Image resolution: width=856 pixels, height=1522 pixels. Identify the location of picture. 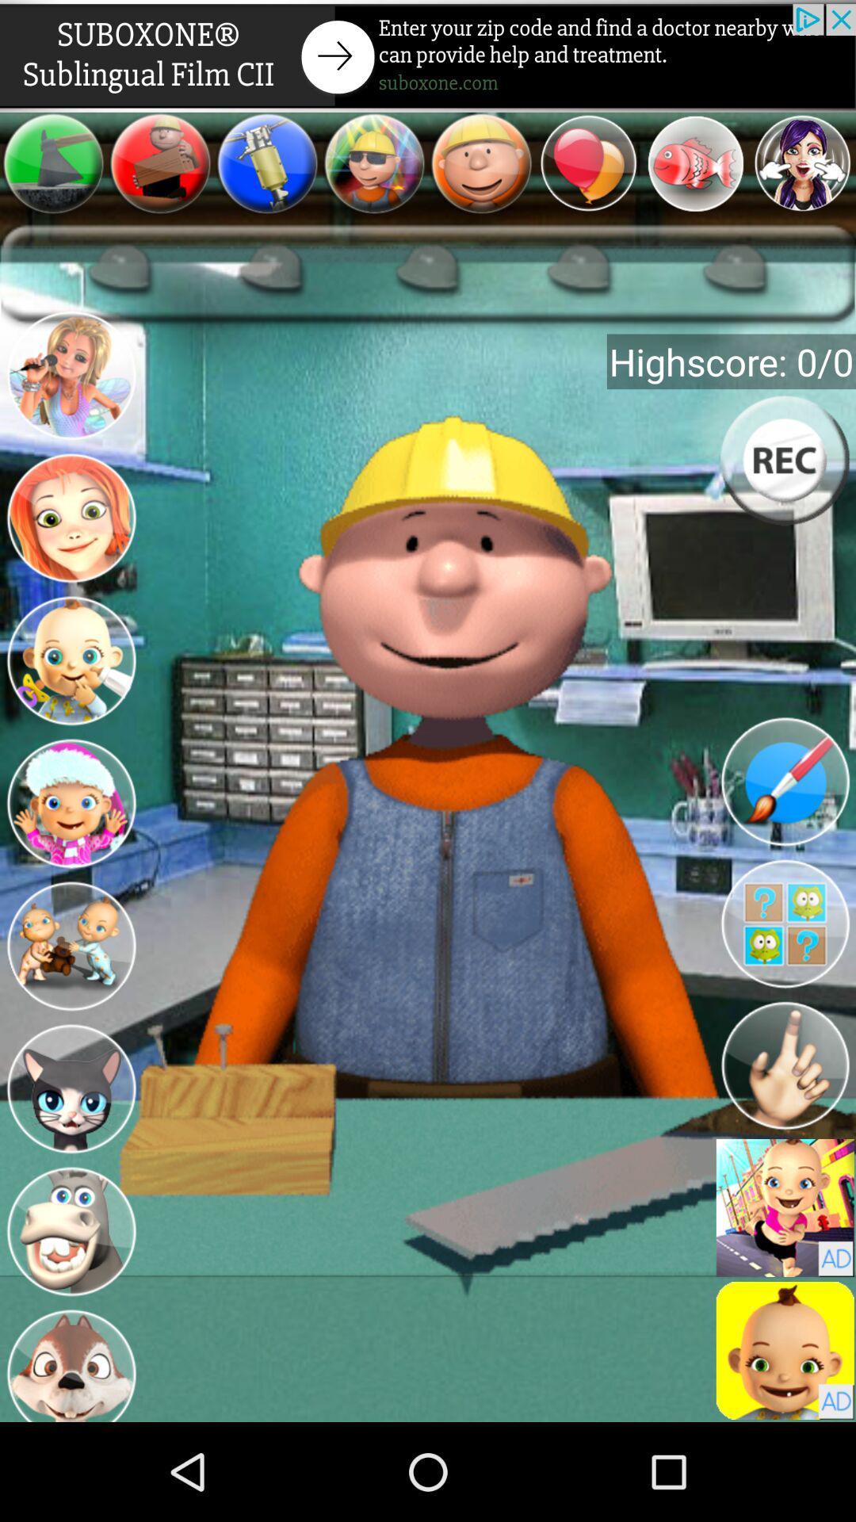
(70, 946).